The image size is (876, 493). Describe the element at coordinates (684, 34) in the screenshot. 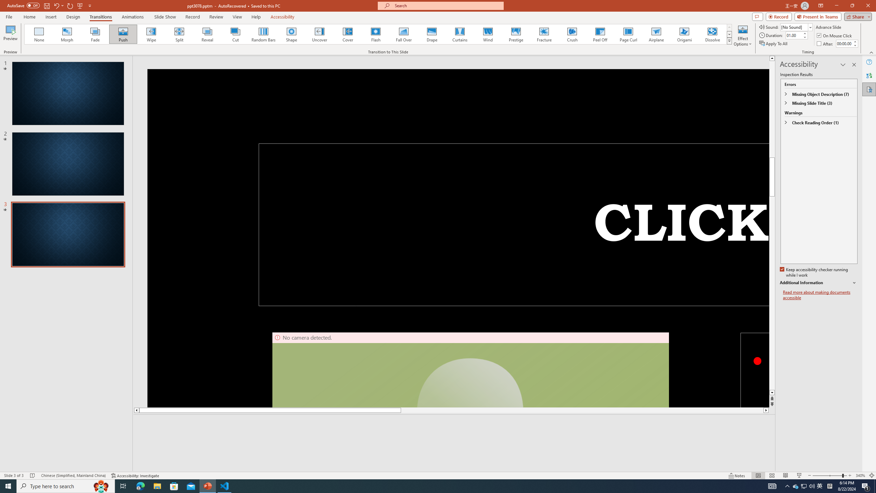

I see `'Origami'` at that location.